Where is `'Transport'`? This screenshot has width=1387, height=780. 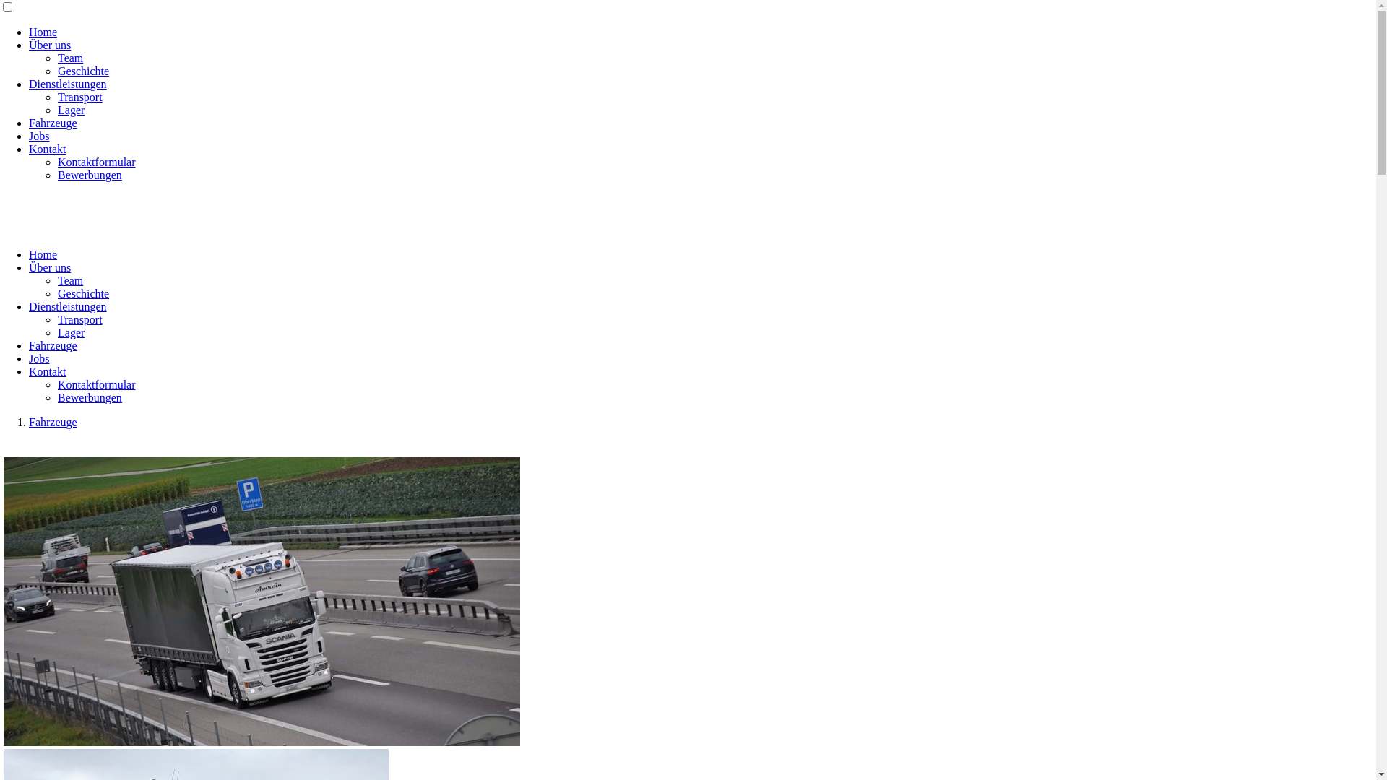 'Transport' is located at coordinates (58, 318).